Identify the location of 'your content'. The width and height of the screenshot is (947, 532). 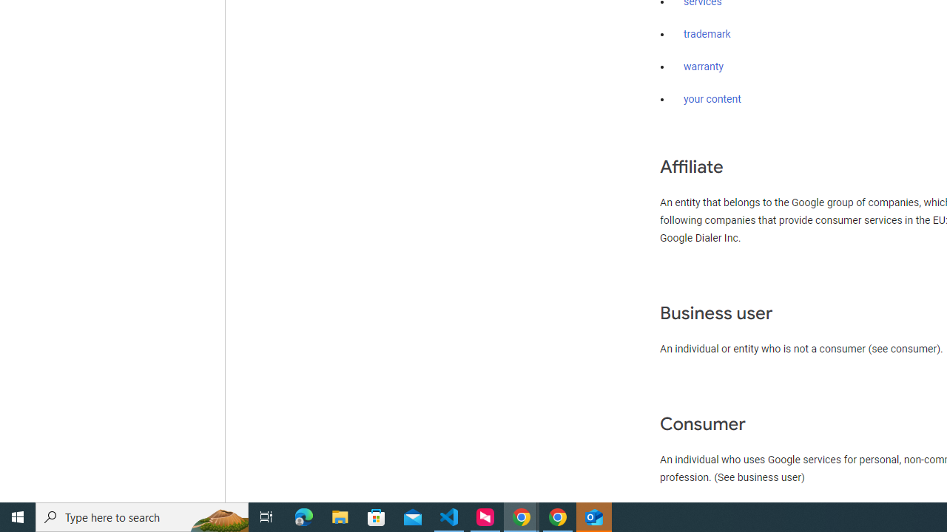
(712, 100).